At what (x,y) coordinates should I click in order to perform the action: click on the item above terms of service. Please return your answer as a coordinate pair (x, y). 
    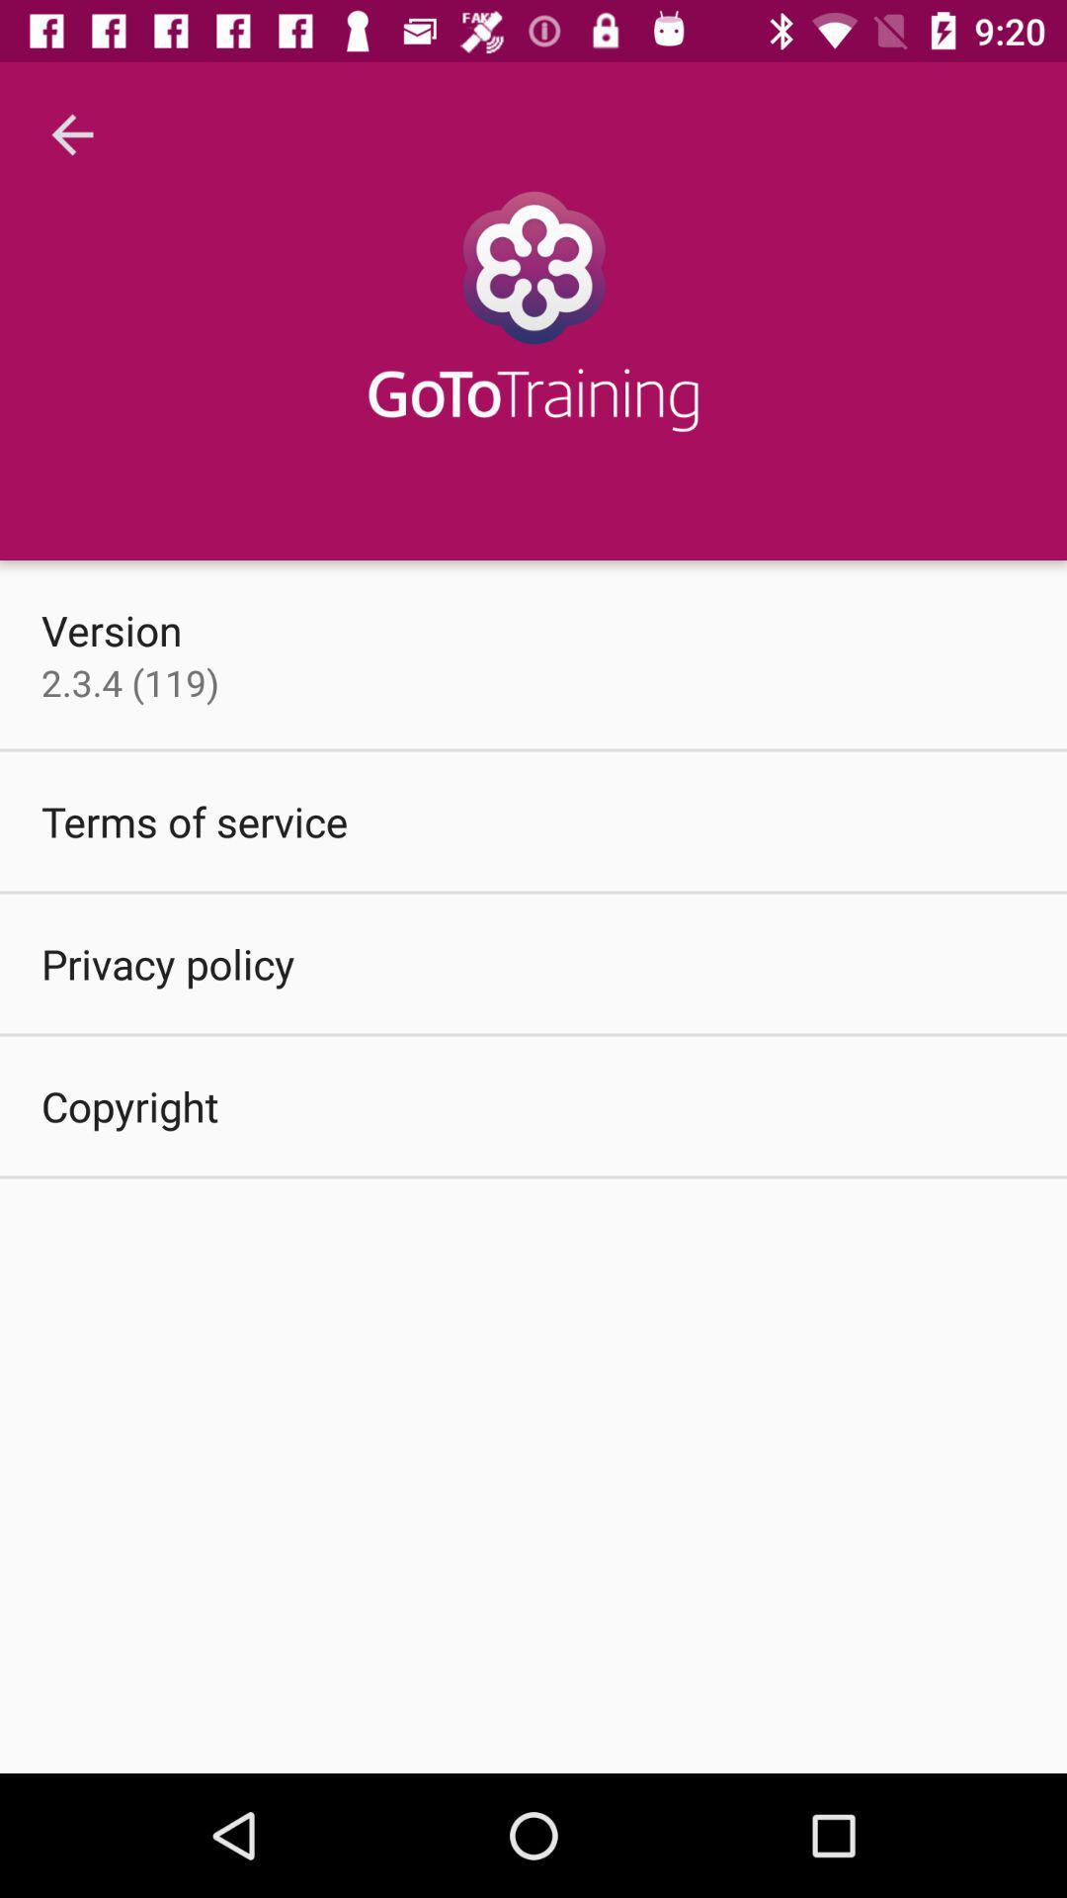
    Looking at the image, I should click on (129, 682).